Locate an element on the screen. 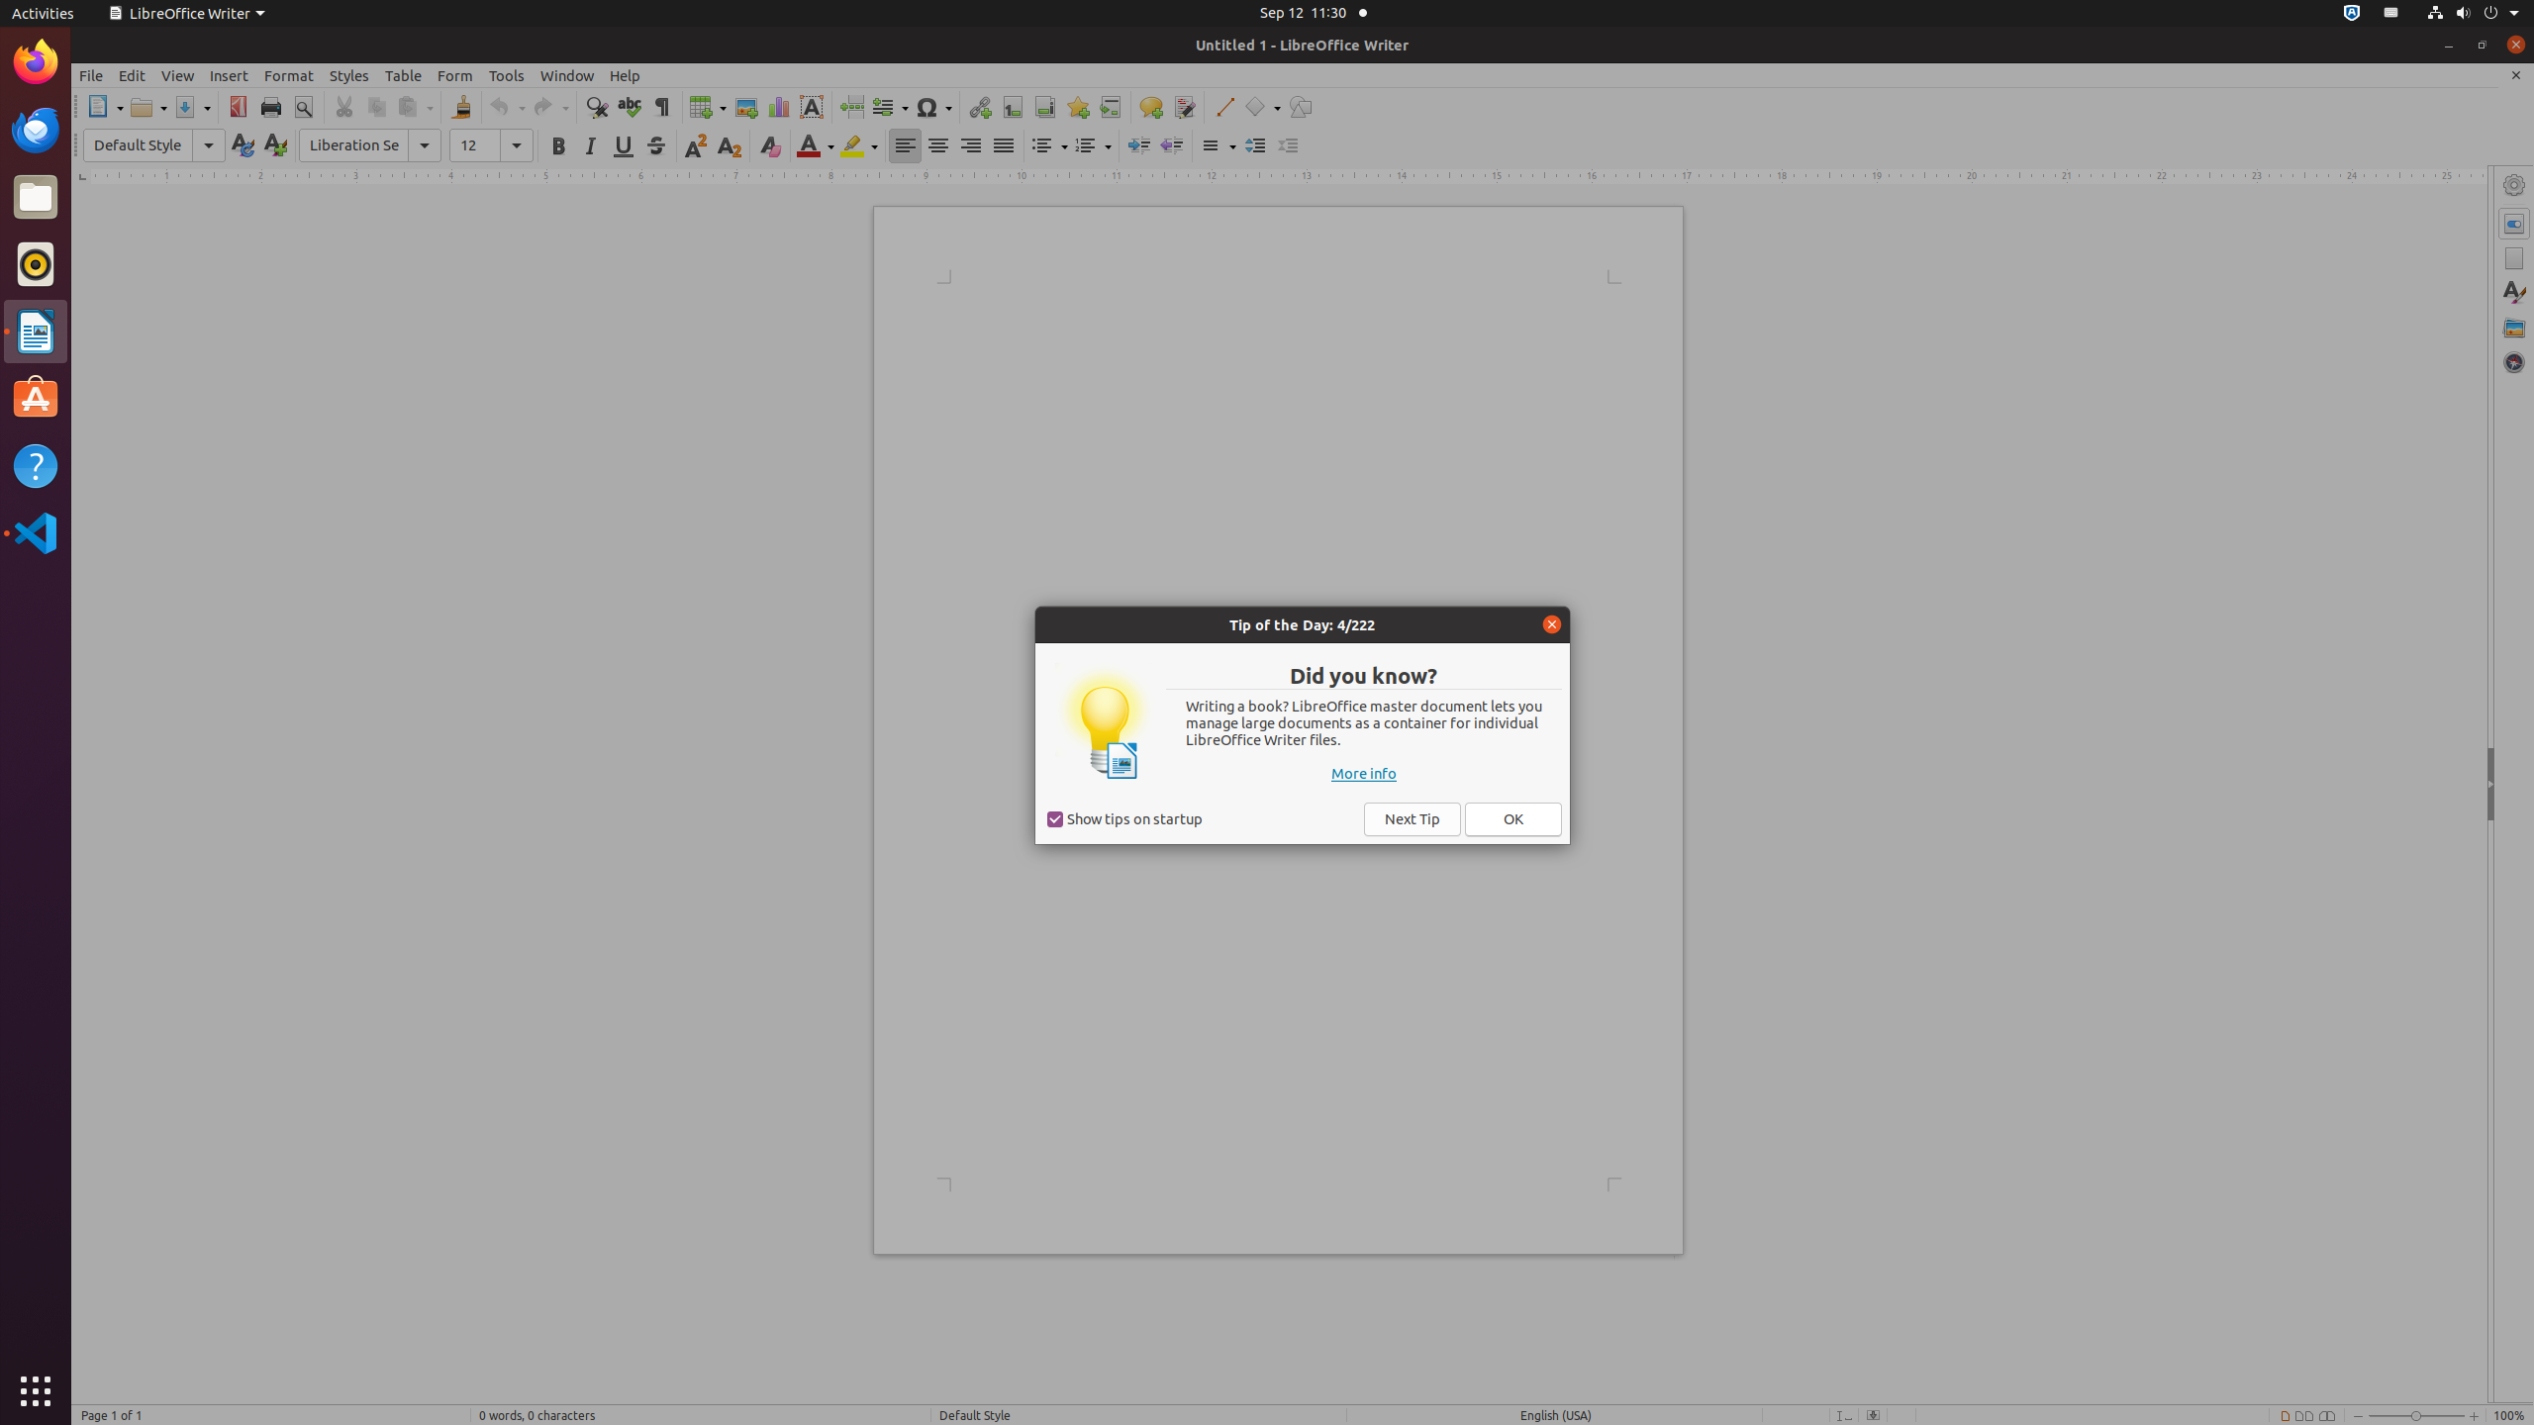  'Firefox Web Browser' is located at coordinates (36, 60).